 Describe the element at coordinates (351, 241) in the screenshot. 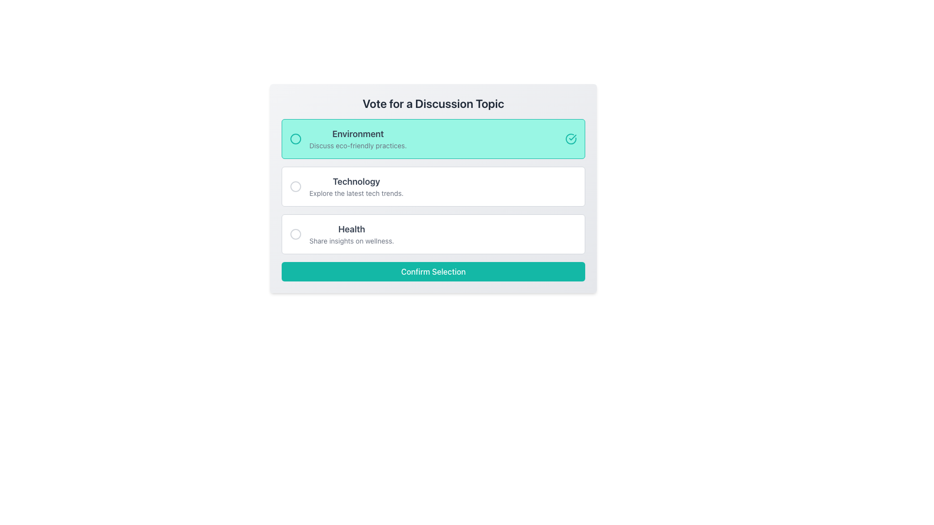

I see `the static text label that reads 'Share insights on wellness.' located below the bold text 'Health' in the third selection panel` at that location.